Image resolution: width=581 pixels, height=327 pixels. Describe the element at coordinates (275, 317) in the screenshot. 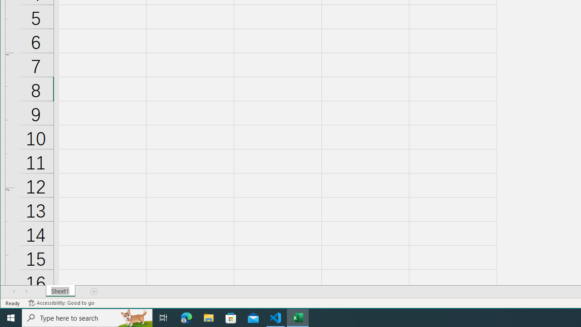

I see `'Visual Studio Code - 1 running window'` at that location.